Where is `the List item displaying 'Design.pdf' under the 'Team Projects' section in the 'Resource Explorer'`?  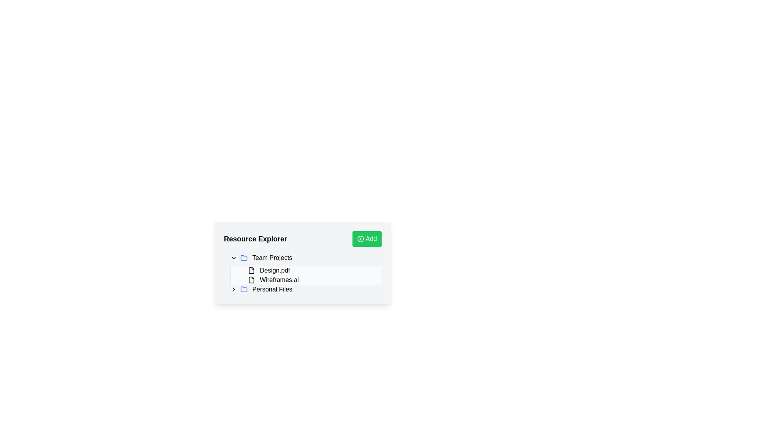 the List item displaying 'Design.pdf' under the 'Team Projects' section in the 'Resource Explorer' is located at coordinates (306, 275).